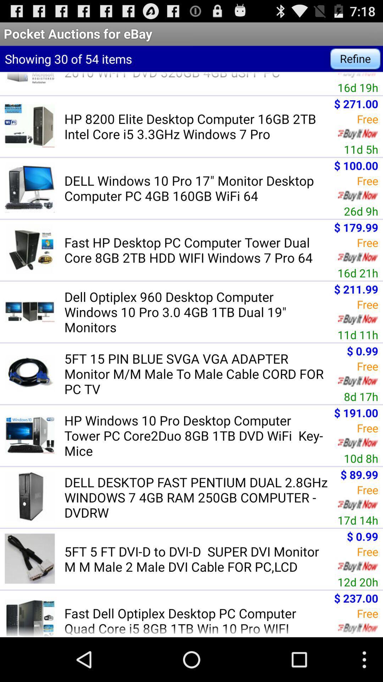  I want to click on icon to the right of hp windows 10, so click(361, 458).